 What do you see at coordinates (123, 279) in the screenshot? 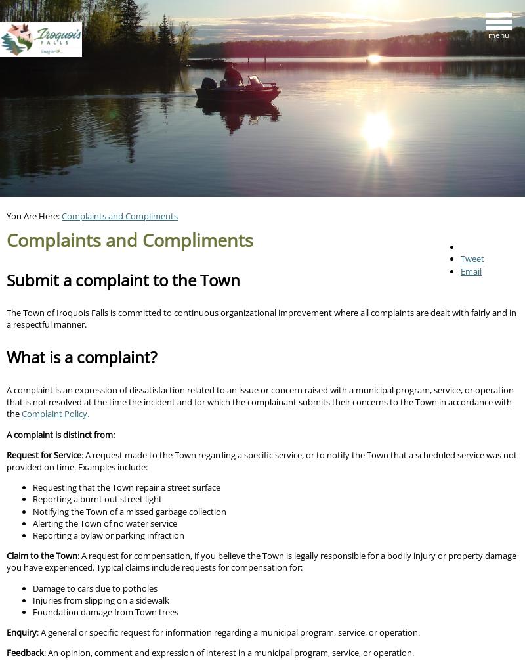
I see `'Submit a complaint to the Town'` at bounding box center [123, 279].